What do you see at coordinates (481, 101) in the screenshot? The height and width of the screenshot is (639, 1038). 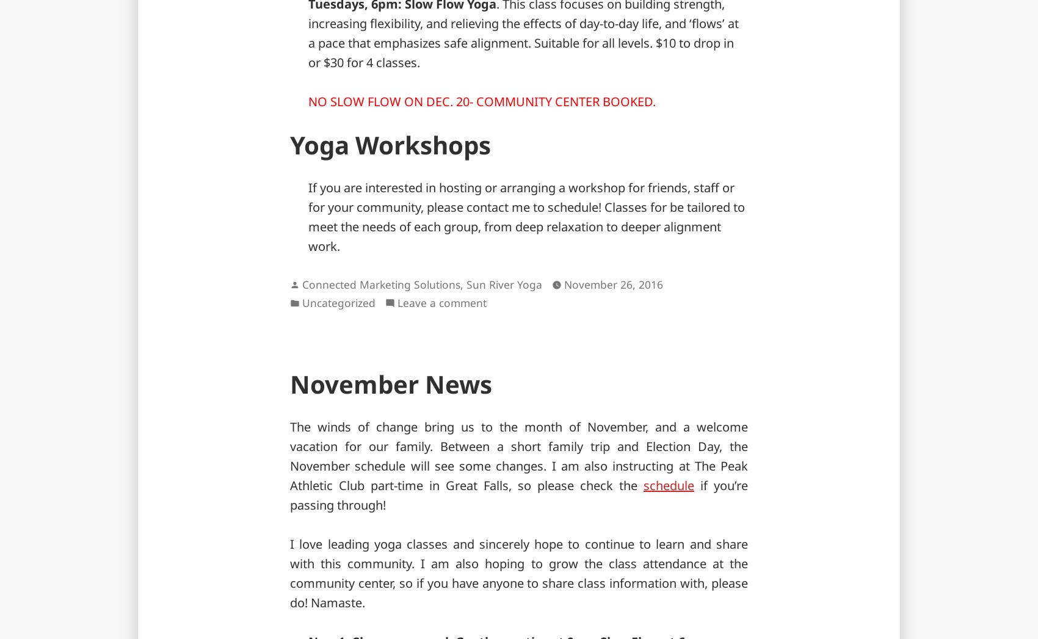 I see `'NO SLOW FLOW ON DEC. 20- COMMUNITY CENTER BOOKED.'` at bounding box center [481, 101].